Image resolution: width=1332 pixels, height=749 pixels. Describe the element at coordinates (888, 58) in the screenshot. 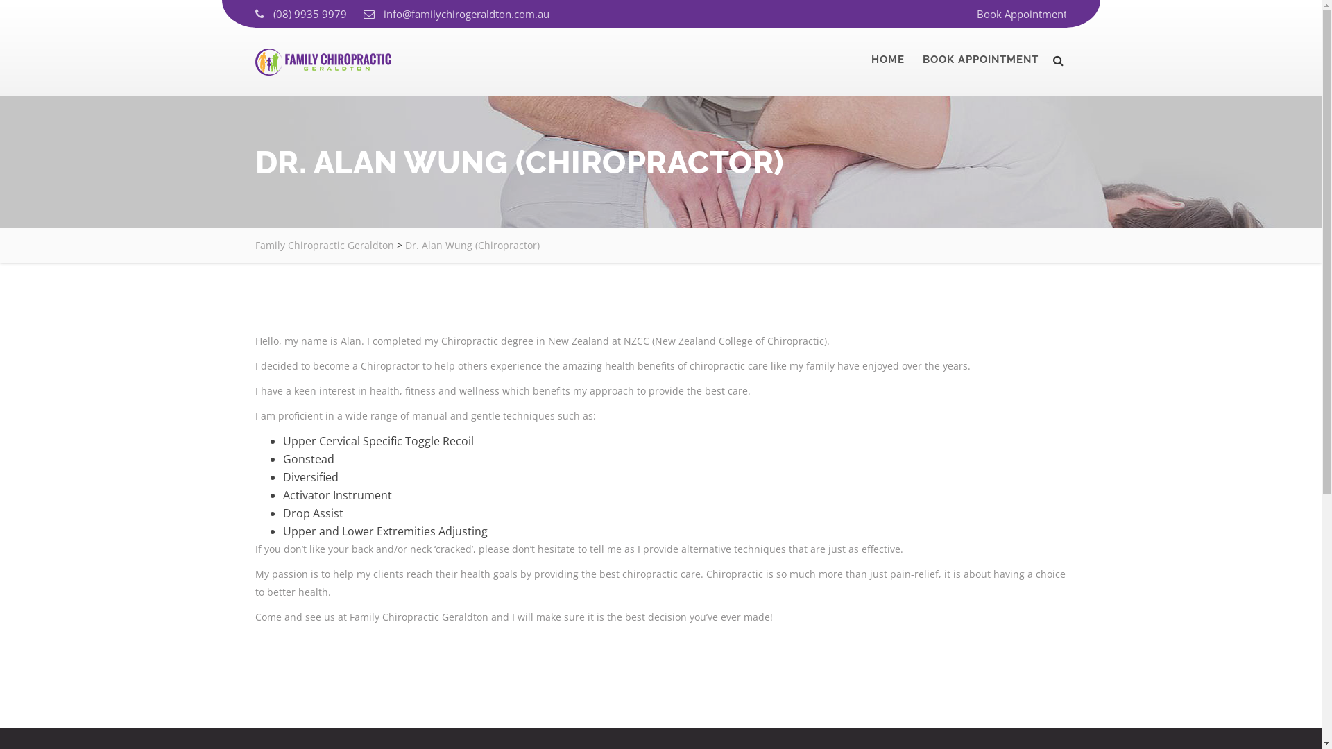

I see `'HOME'` at that location.